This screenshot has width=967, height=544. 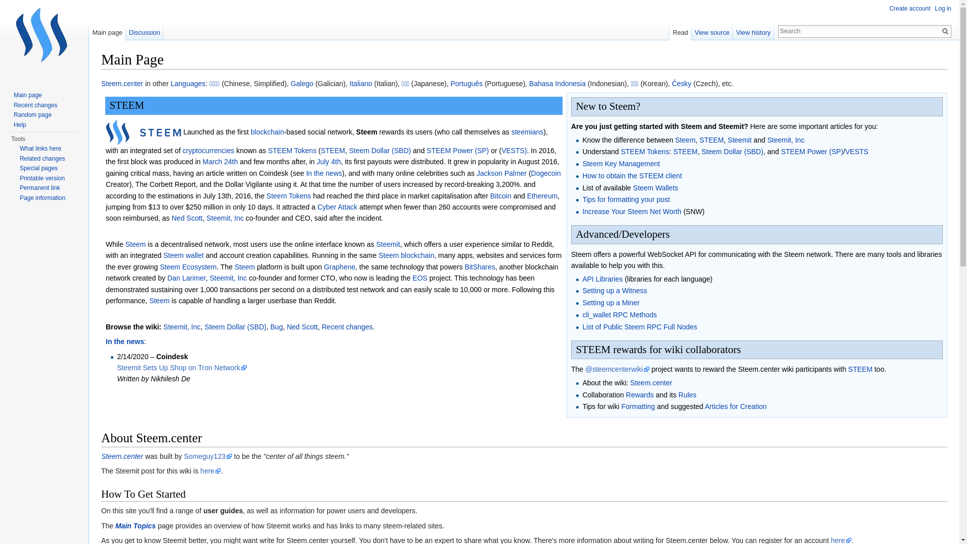 What do you see at coordinates (420, 278) in the screenshot?
I see `'EOS'` at bounding box center [420, 278].